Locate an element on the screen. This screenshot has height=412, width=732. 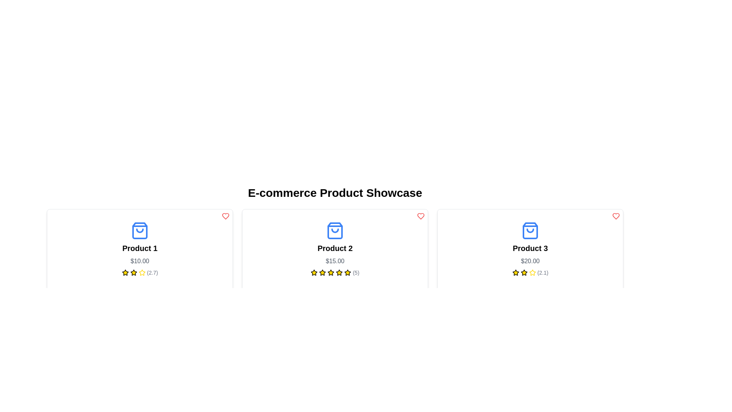
the heart-shaped icon outlined in red located in the top-right corner of the card displaying 'Product 1' for keyboard interaction is located at coordinates (225, 216).